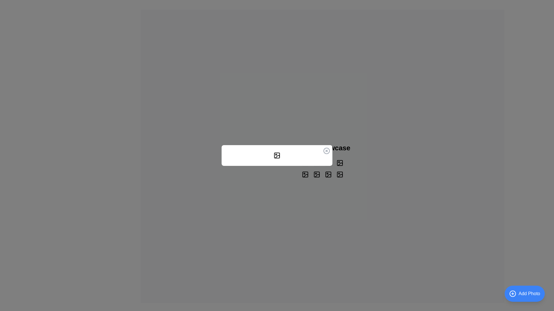 This screenshot has width=554, height=311. What do you see at coordinates (340, 174) in the screenshot?
I see `the small circle element that is part of the magnifying glass icon, positioned at the center of its circular area` at bounding box center [340, 174].